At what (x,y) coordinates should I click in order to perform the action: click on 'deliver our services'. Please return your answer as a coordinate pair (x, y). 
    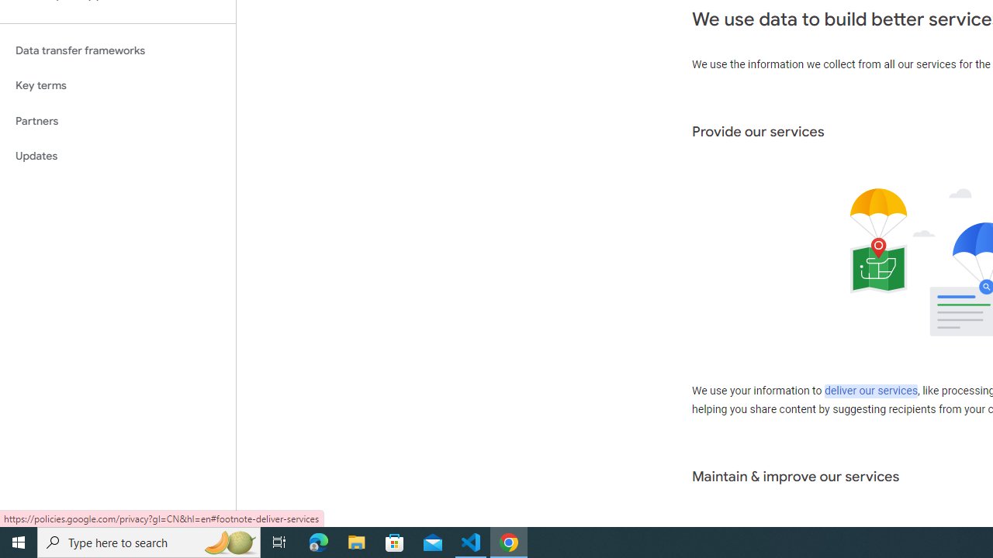
    Looking at the image, I should click on (870, 391).